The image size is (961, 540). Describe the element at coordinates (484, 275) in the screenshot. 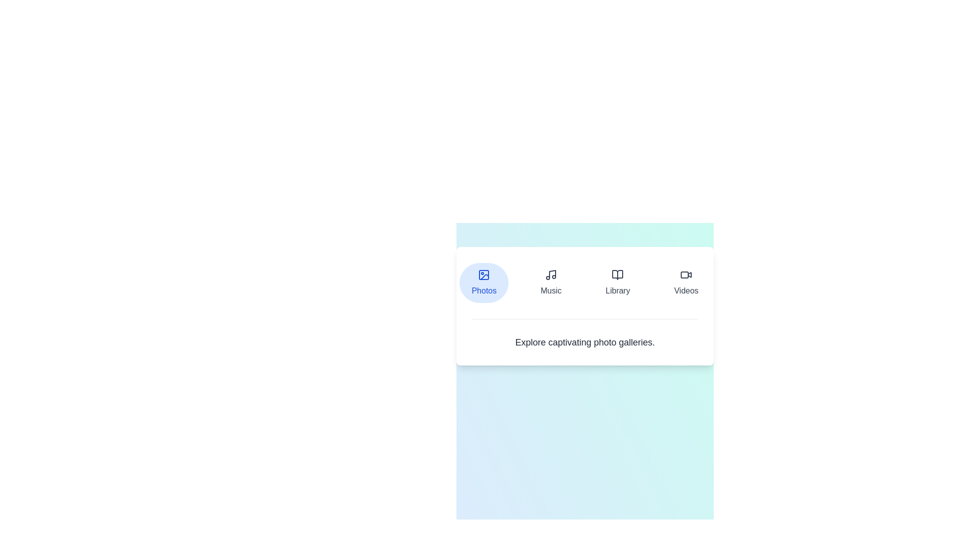

I see `the 'Photos' icon located at the top-left corner of the blue-shaded card interface` at that location.